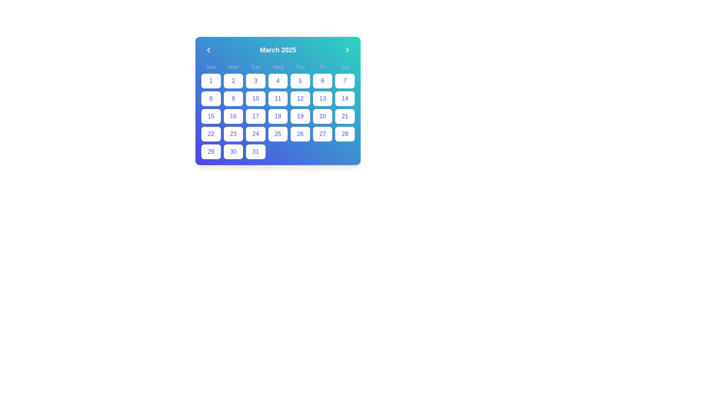 The width and height of the screenshot is (708, 398). I want to click on the date cell displaying the number '8' in the calendar view, located in the second row and first column, below the 'Sun' header, so click(211, 98).